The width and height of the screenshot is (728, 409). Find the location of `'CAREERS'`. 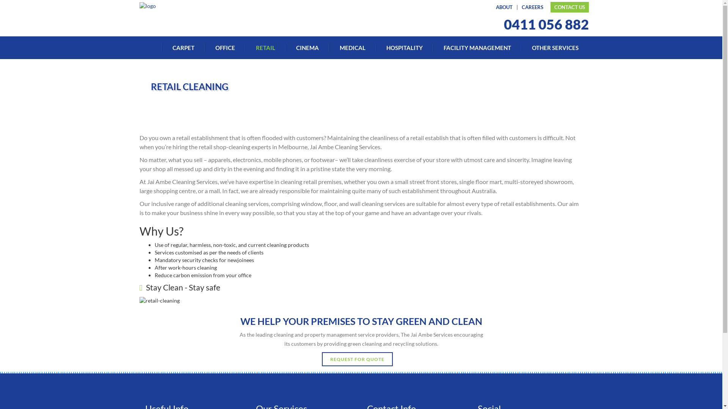

'CAREERS' is located at coordinates (518, 7).